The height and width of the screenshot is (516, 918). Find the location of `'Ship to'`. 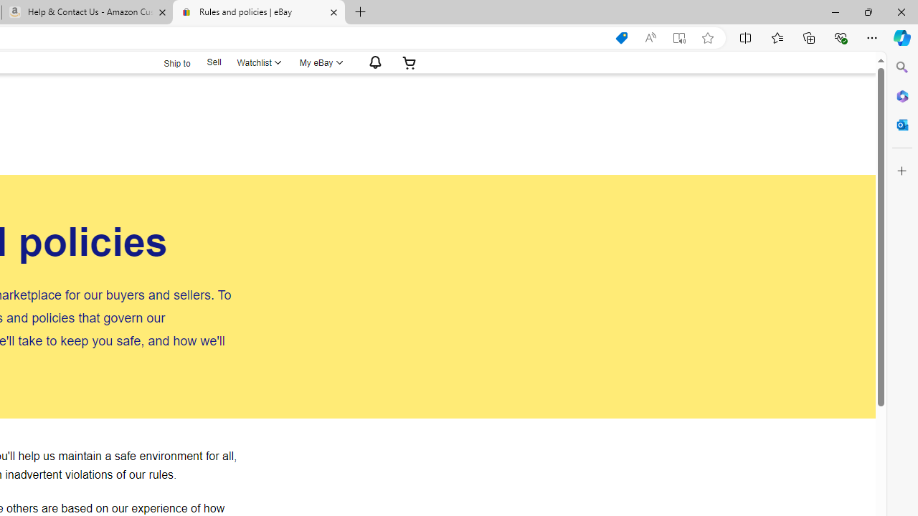

'Ship to' is located at coordinates (168, 62).